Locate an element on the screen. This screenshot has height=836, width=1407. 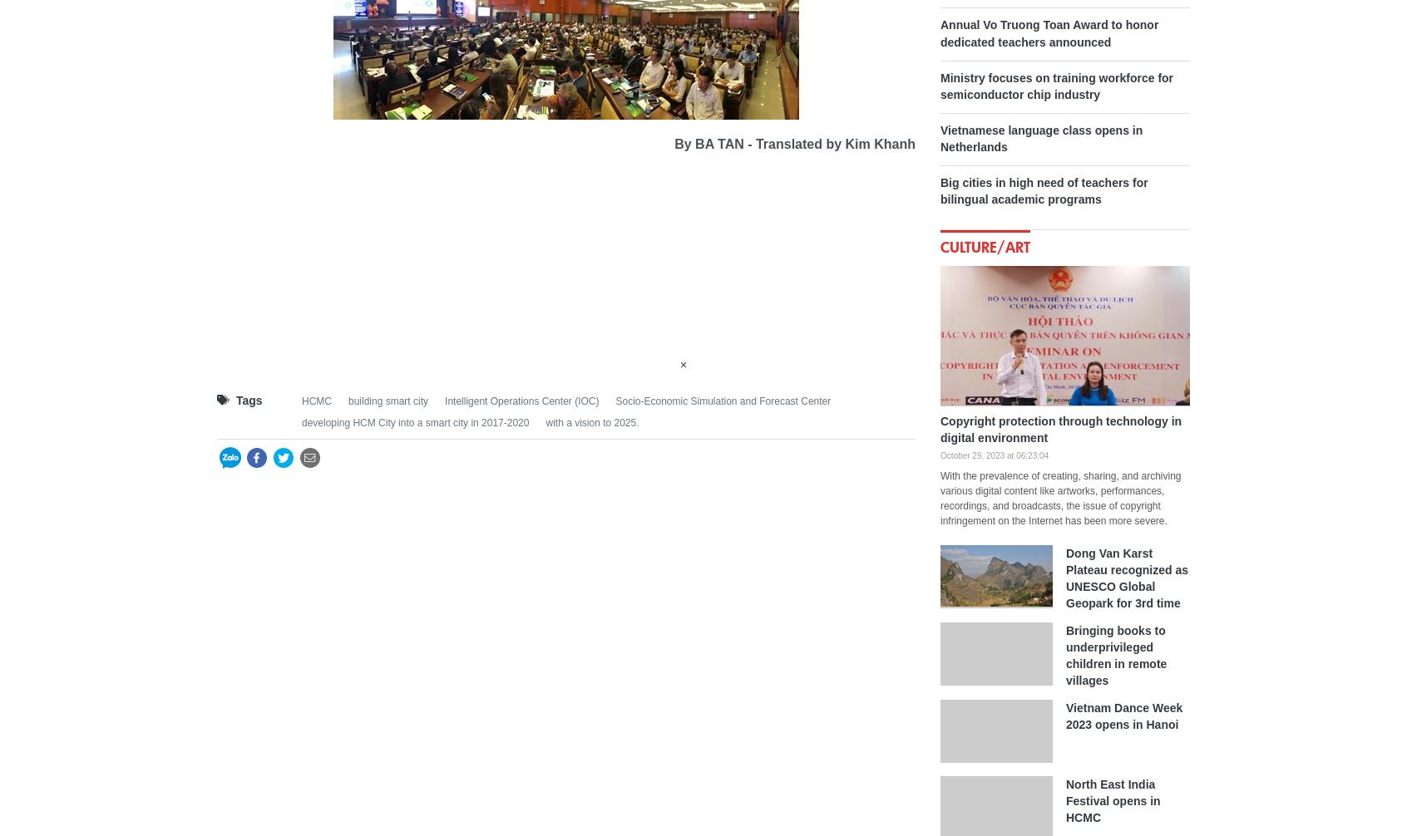
'Vietnamese language class opens in Netherlands' is located at coordinates (939, 137).